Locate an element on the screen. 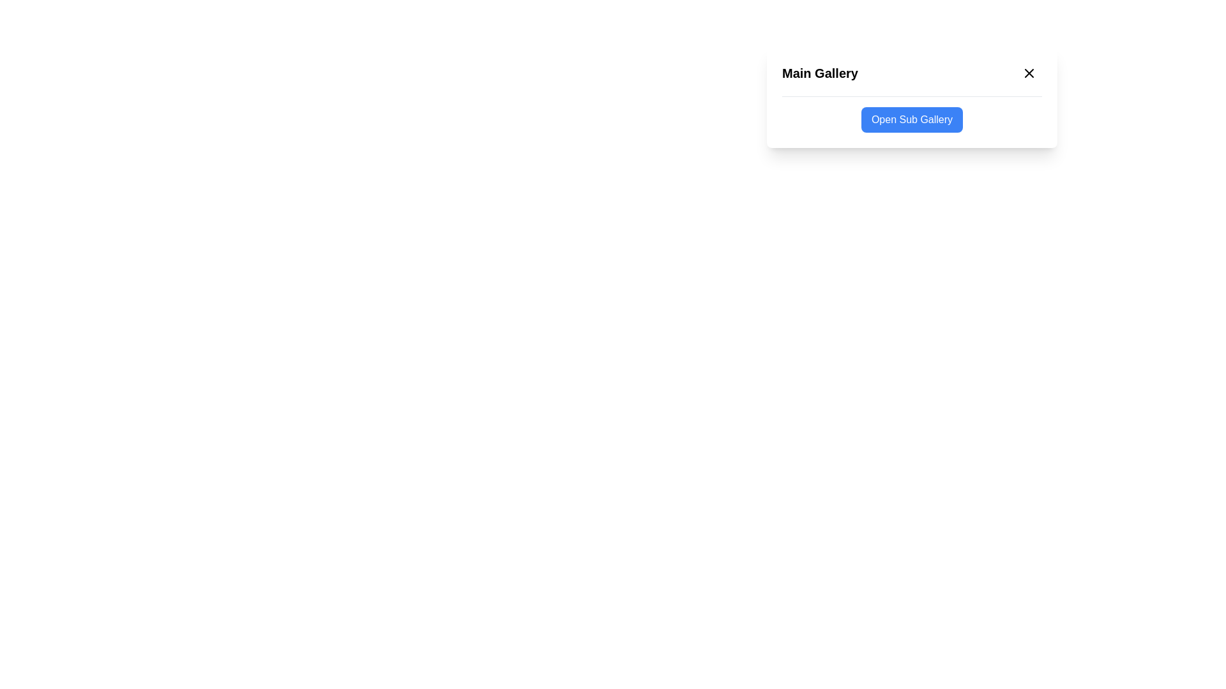 The height and width of the screenshot is (689, 1226). the blue button labeled 'Open Sub Gallery' located below the 'Main Gallery' text is located at coordinates (911, 120).